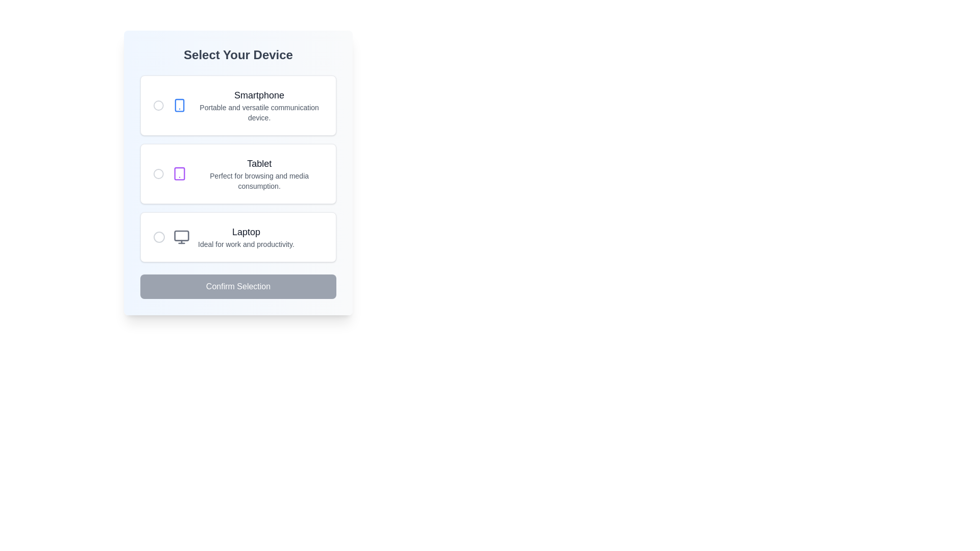 The width and height of the screenshot is (980, 551). Describe the element at coordinates (248, 173) in the screenshot. I see `to select the second option in the device selection interface for a tablet device, which is a selectable list item with an associated icon and descriptive text` at that location.